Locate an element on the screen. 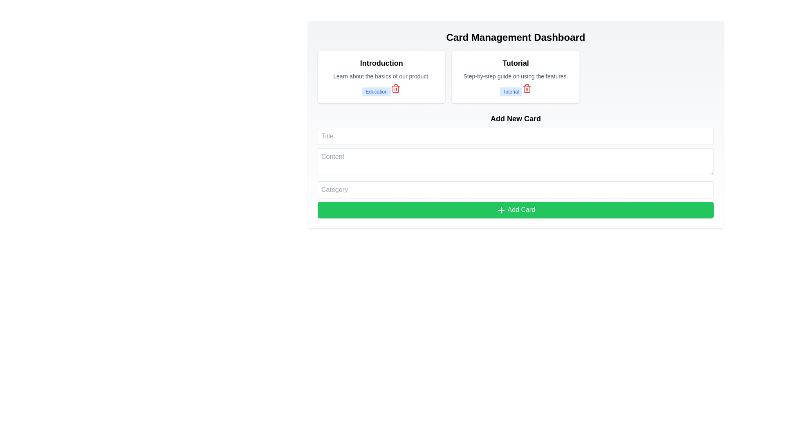 This screenshot has height=441, width=785. the descriptive text label located directly beneath the bold 'Tutorial' heading, which is within a bordered rectangle on the interface is located at coordinates (515, 76).